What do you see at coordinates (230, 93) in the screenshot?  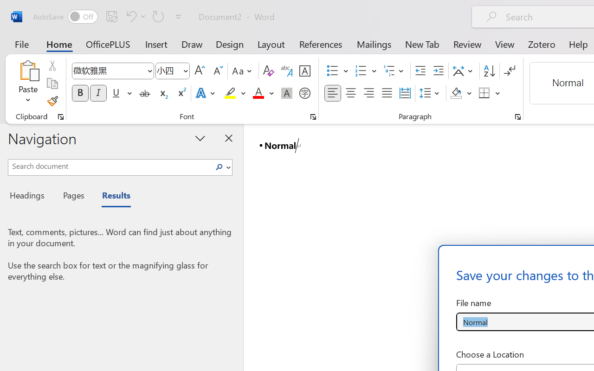 I see `'Text Highlight Color Yellow'` at bounding box center [230, 93].